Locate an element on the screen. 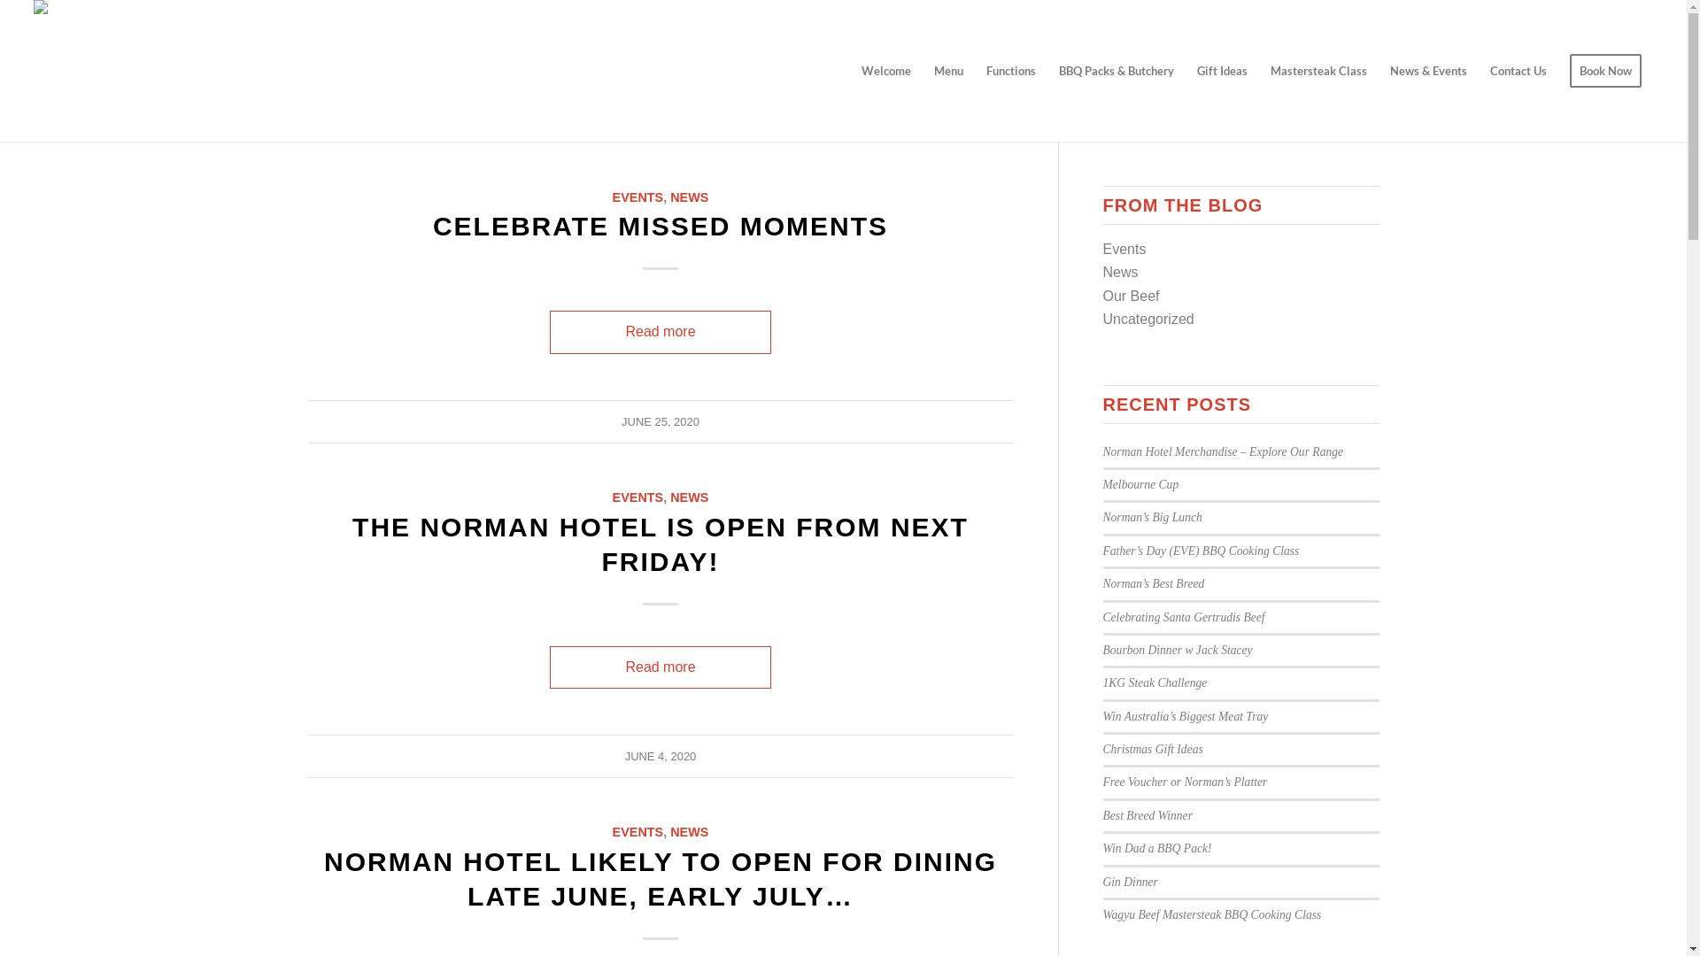 The height and width of the screenshot is (956, 1700). 'Wagyu Beef Mastersteak BBQ Cooking Class' is located at coordinates (1211, 914).